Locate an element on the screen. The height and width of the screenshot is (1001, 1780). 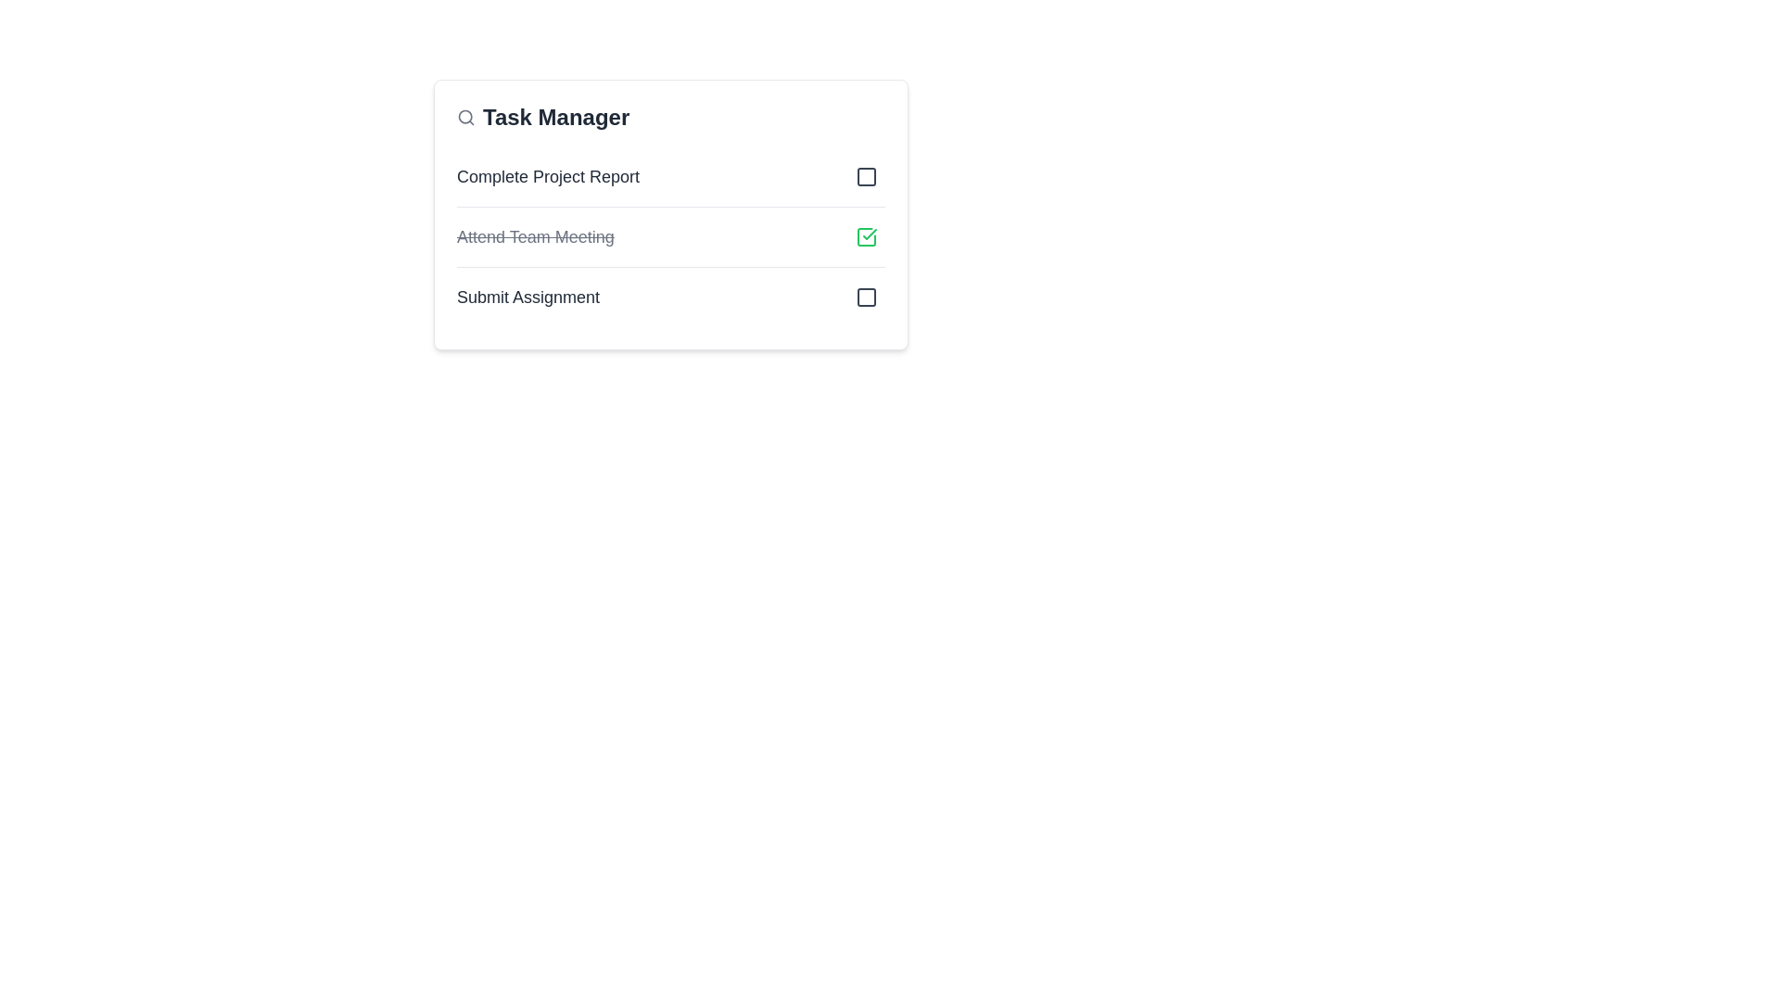
the control element for 'Submit Assignment' is located at coordinates (866, 296).